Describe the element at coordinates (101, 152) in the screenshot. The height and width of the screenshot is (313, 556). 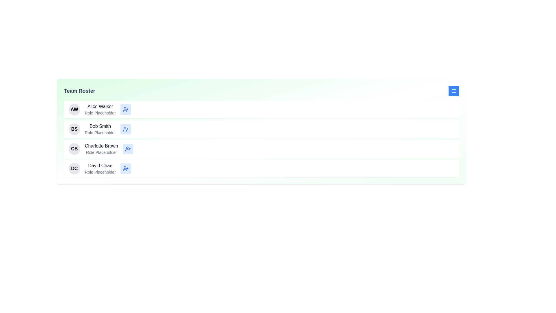
I see `the static text label displaying 'Role Placeholder', which is styled in gray and positioned below the name 'Charlotte Brown' in the middle-left section of the interface` at that location.